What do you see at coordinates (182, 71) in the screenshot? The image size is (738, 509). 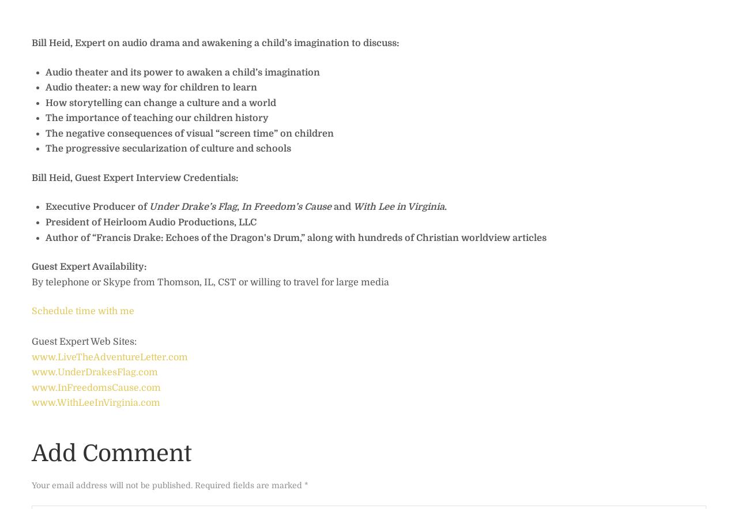 I see `'Audio theater and its power to awaken a child’s imagination'` at bounding box center [182, 71].